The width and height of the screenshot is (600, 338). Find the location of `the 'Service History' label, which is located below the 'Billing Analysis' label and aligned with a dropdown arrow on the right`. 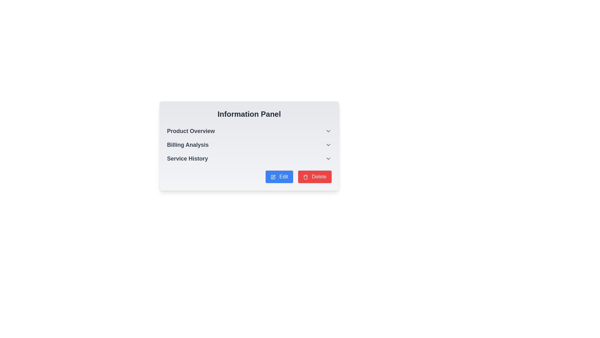

the 'Service History' label, which is located below the 'Billing Analysis' label and aligned with a dropdown arrow on the right is located at coordinates (187, 158).